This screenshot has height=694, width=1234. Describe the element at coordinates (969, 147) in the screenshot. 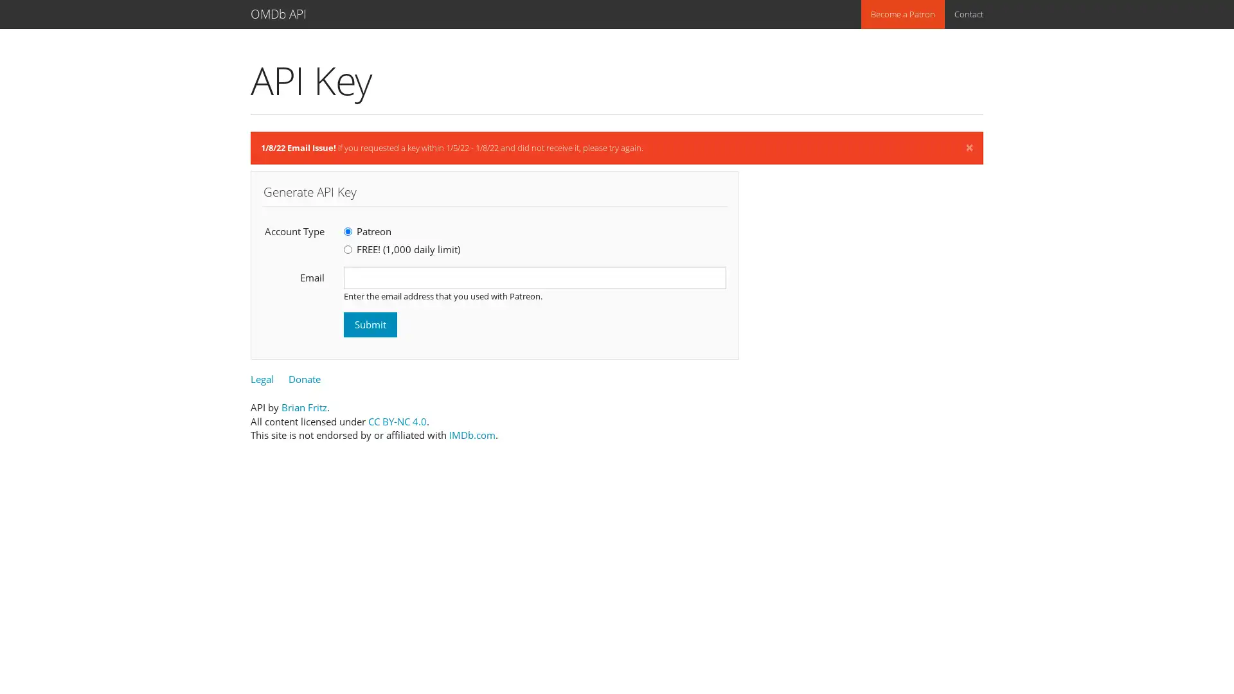

I see `Close` at that location.